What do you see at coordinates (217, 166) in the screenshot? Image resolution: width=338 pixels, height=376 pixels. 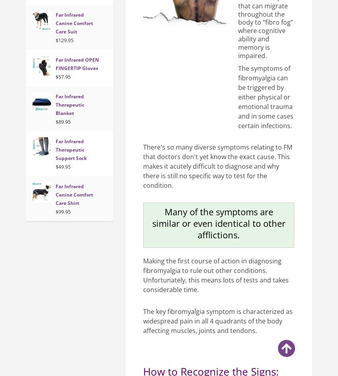 I see `'There's so many diverse symptoms relating to FM that doctors don't yet know the exact cause. This makes it acutely difficult to diagnose and why there is still no specific way to test for the condition.'` at bounding box center [217, 166].